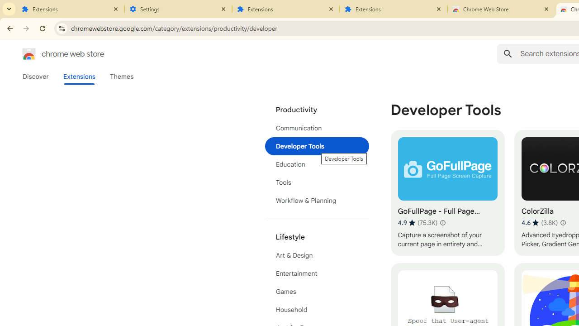 This screenshot has height=326, width=579. What do you see at coordinates (53, 54) in the screenshot?
I see `'Chrome Web Store logo chrome web store'` at bounding box center [53, 54].